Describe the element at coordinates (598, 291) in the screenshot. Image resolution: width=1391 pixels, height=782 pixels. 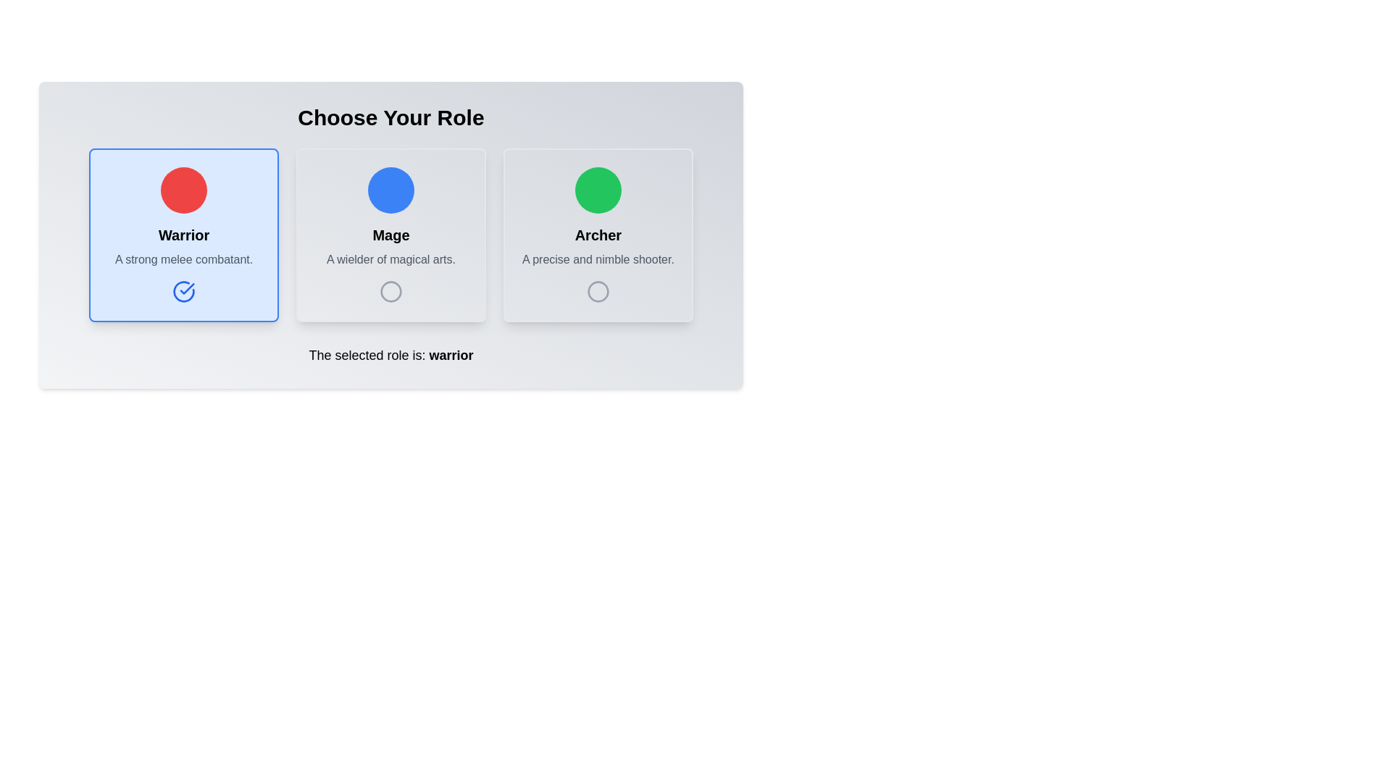
I see `the unselected Radio button icon for the 'Archer' role located under the 'Choose Your Role' interface to activate hover effects` at that location.